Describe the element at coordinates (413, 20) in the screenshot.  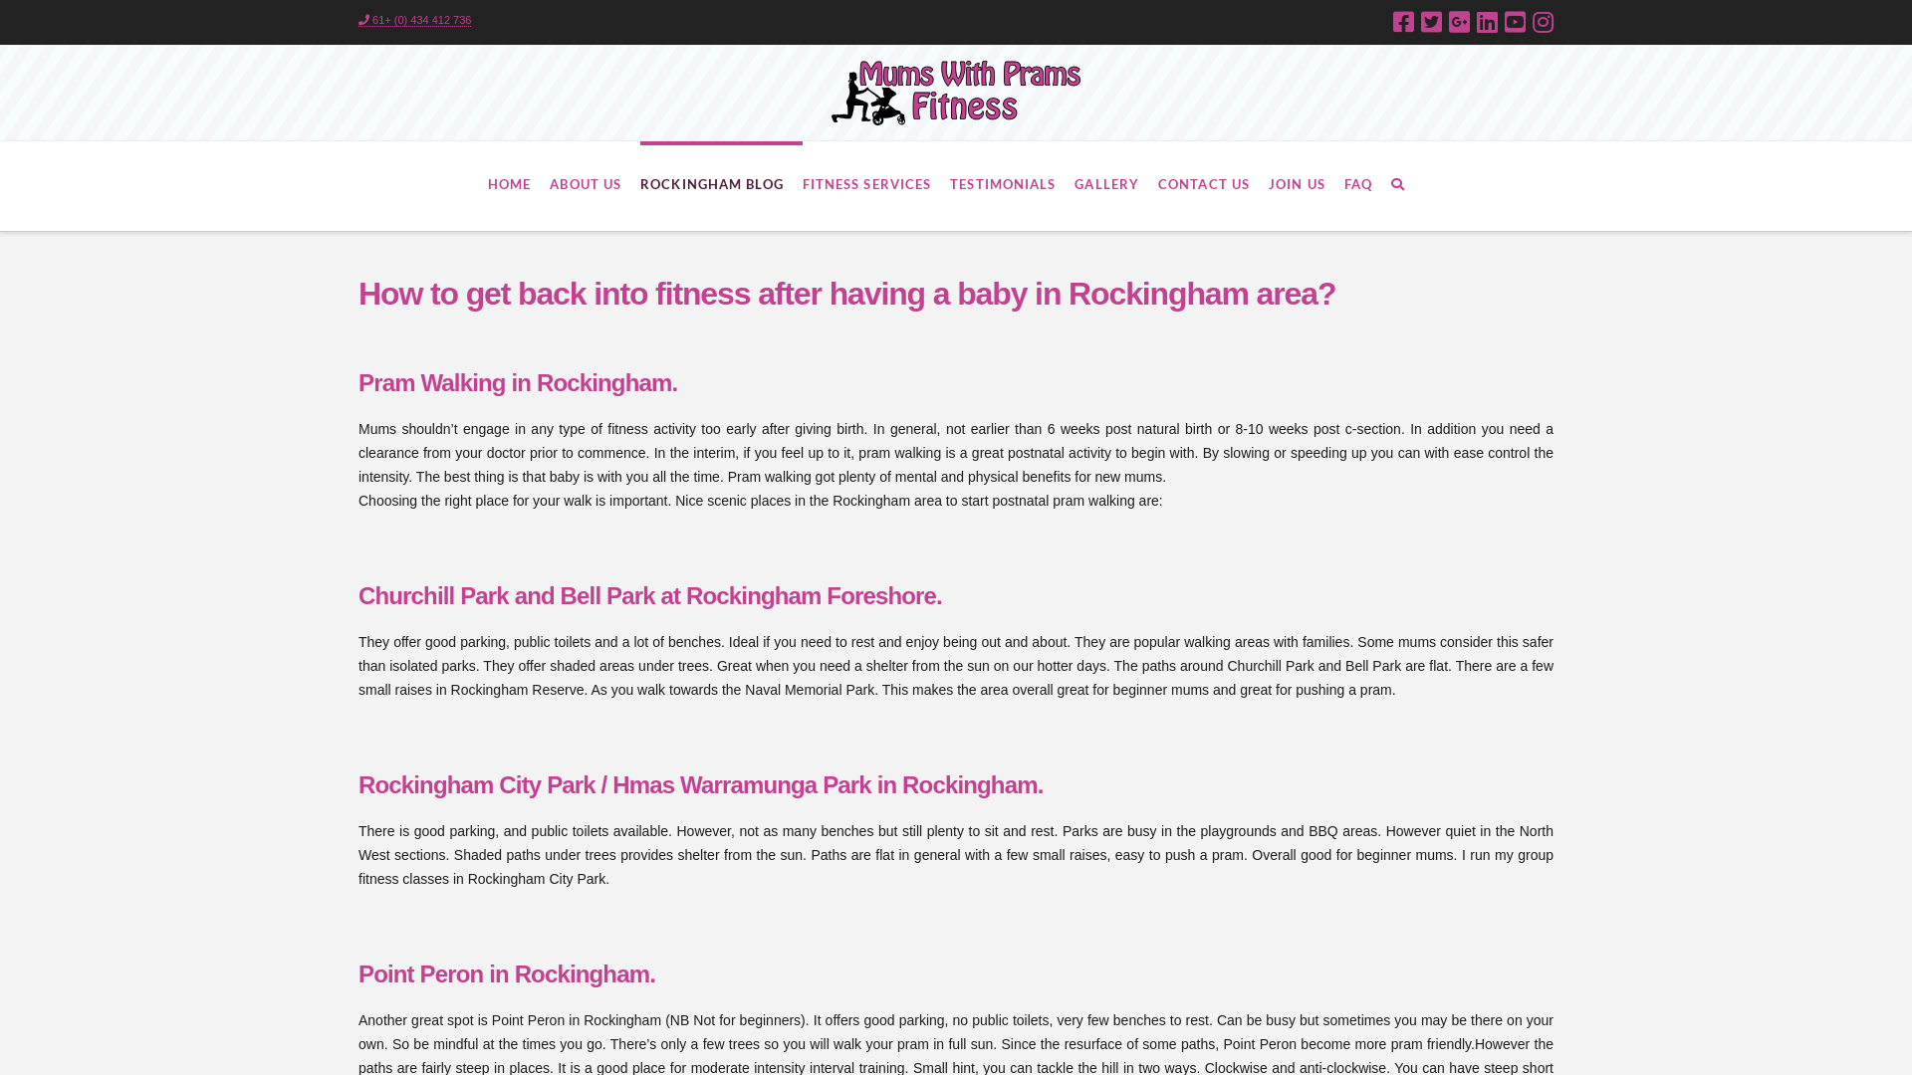
I see `'61+ (0) 434 412 736'` at that location.